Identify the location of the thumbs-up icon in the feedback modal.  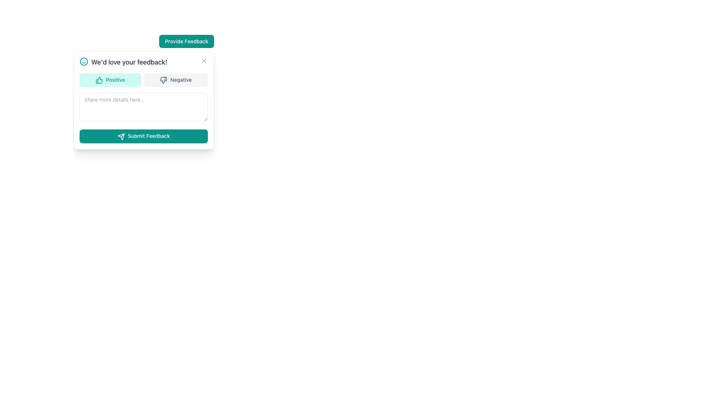
(99, 80).